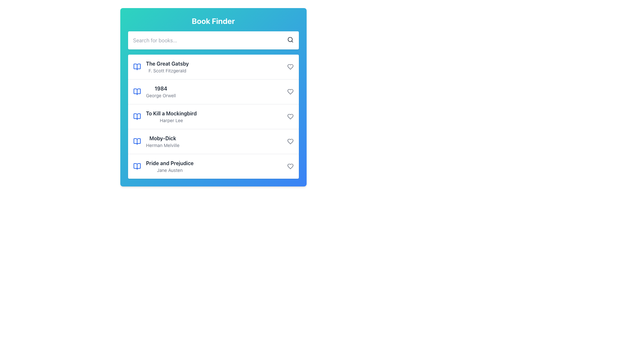 This screenshot has height=349, width=621. What do you see at coordinates (136, 166) in the screenshot?
I see `the pictogram of an open book, which is blue and located near the left side of the fifth row, aligned with the title 'Pride and Prejudice'` at bounding box center [136, 166].